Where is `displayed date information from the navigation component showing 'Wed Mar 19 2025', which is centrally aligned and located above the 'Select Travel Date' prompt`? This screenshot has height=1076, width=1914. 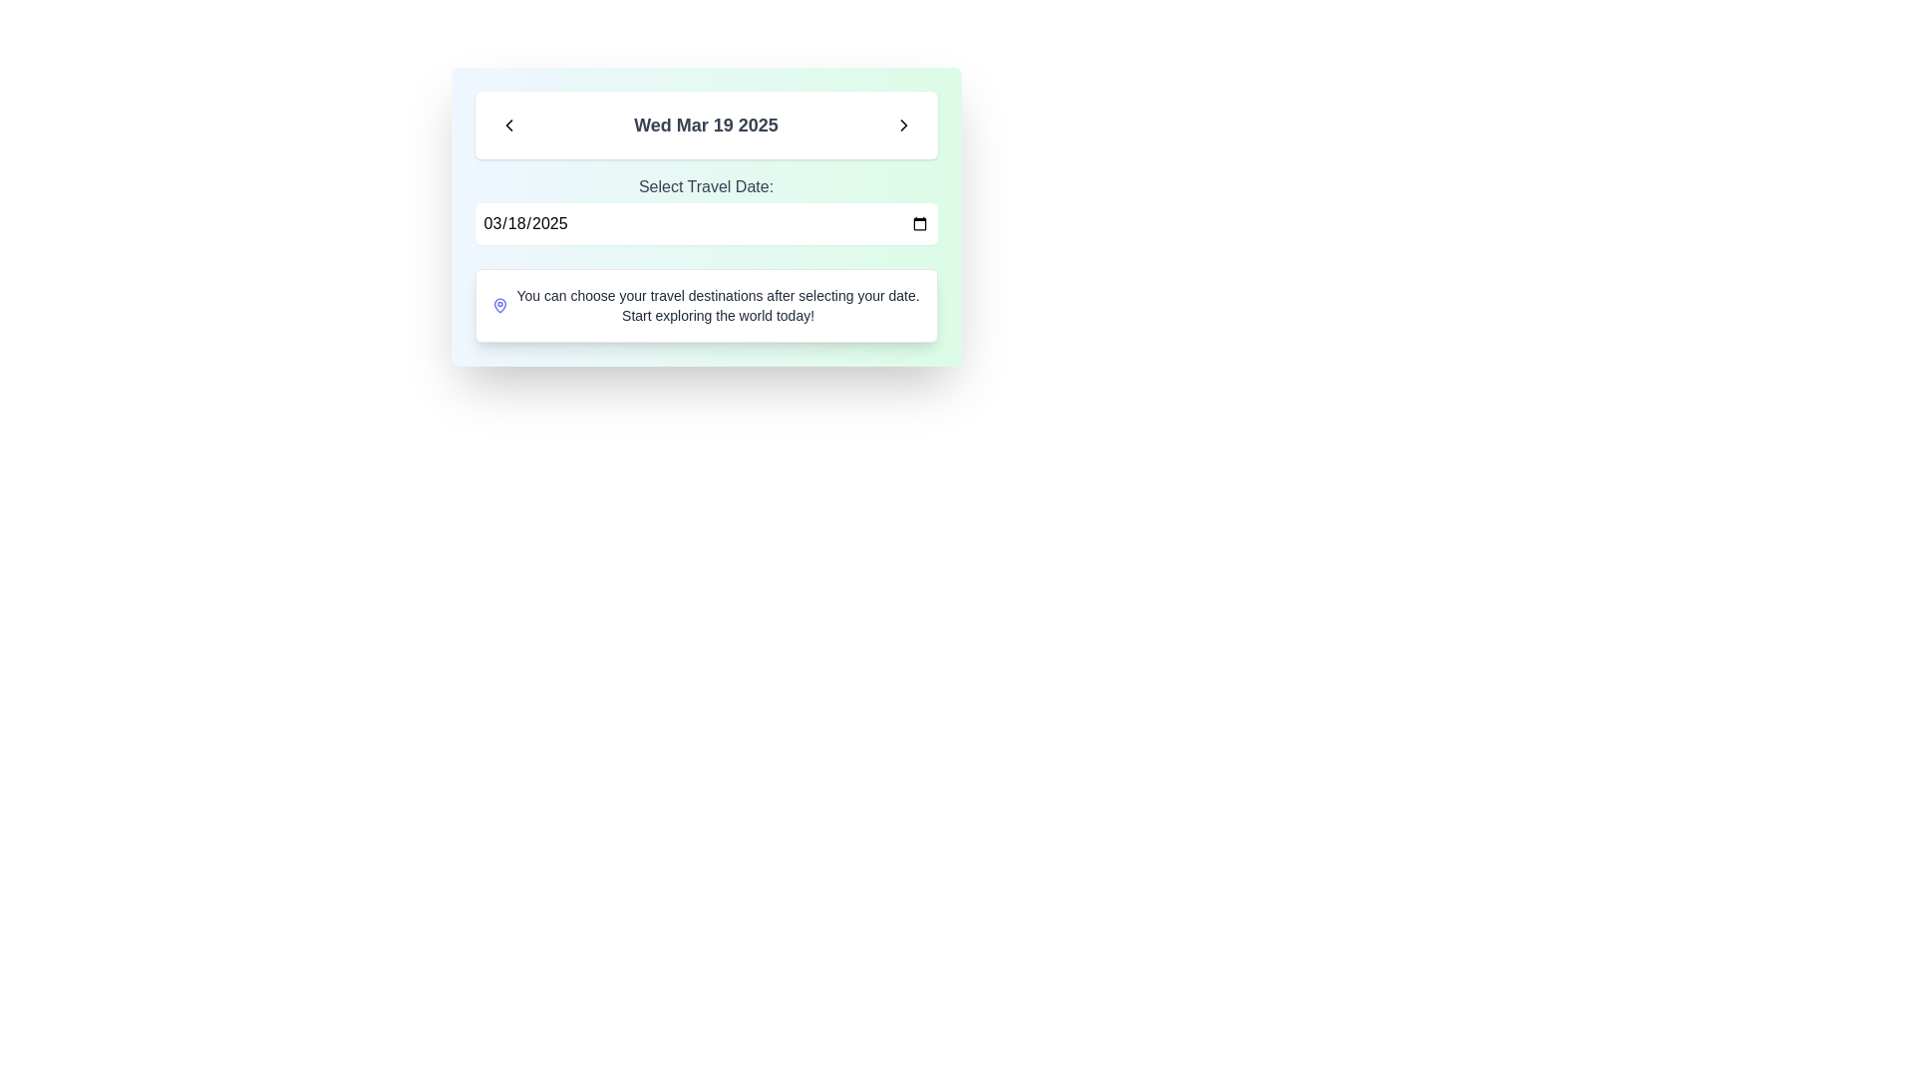
displayed date information from the navigation component showing 'Wed Mar 19 2025', which is centrally aligned and located above the 'Select Travel Date' prompt is located at coordinates (706, 126).